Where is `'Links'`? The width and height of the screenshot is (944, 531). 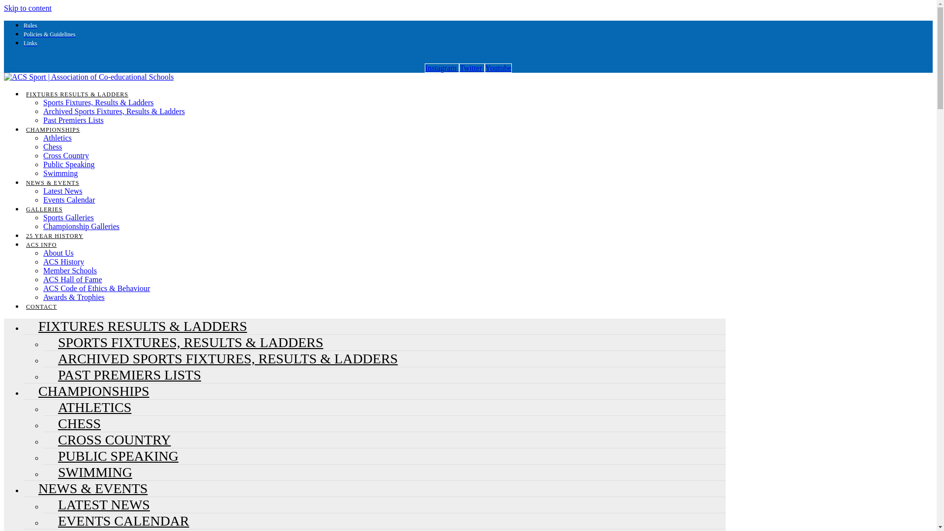
'Links' is located at coordinates (30, 43).